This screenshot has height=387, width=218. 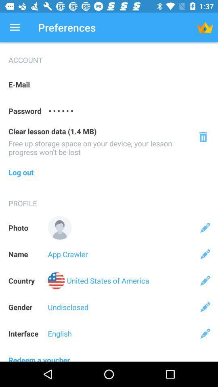 What do you see at coordinates (205, 281) in the screenshot?
I see `the edit icon` at bounding box center [205, 281].